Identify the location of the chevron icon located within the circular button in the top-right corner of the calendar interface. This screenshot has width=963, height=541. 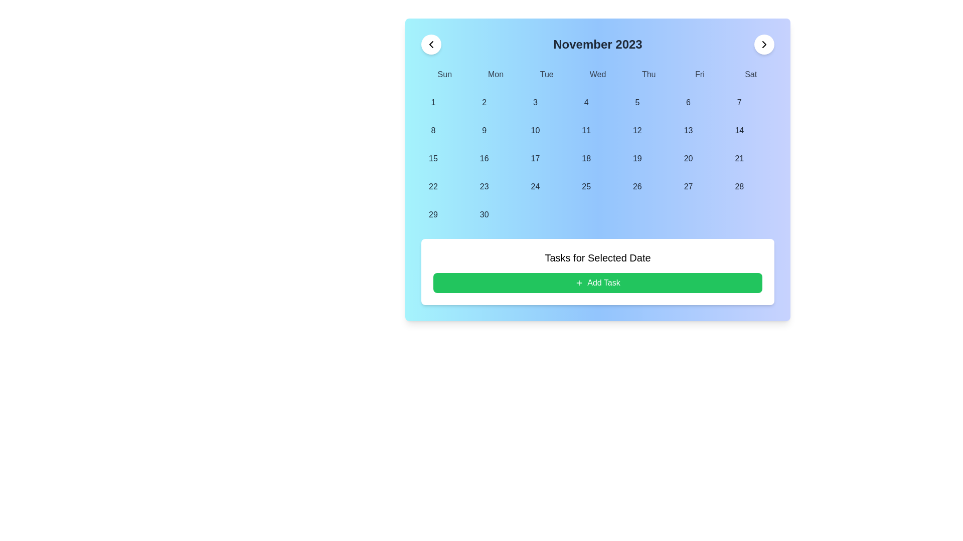
(763, 44).